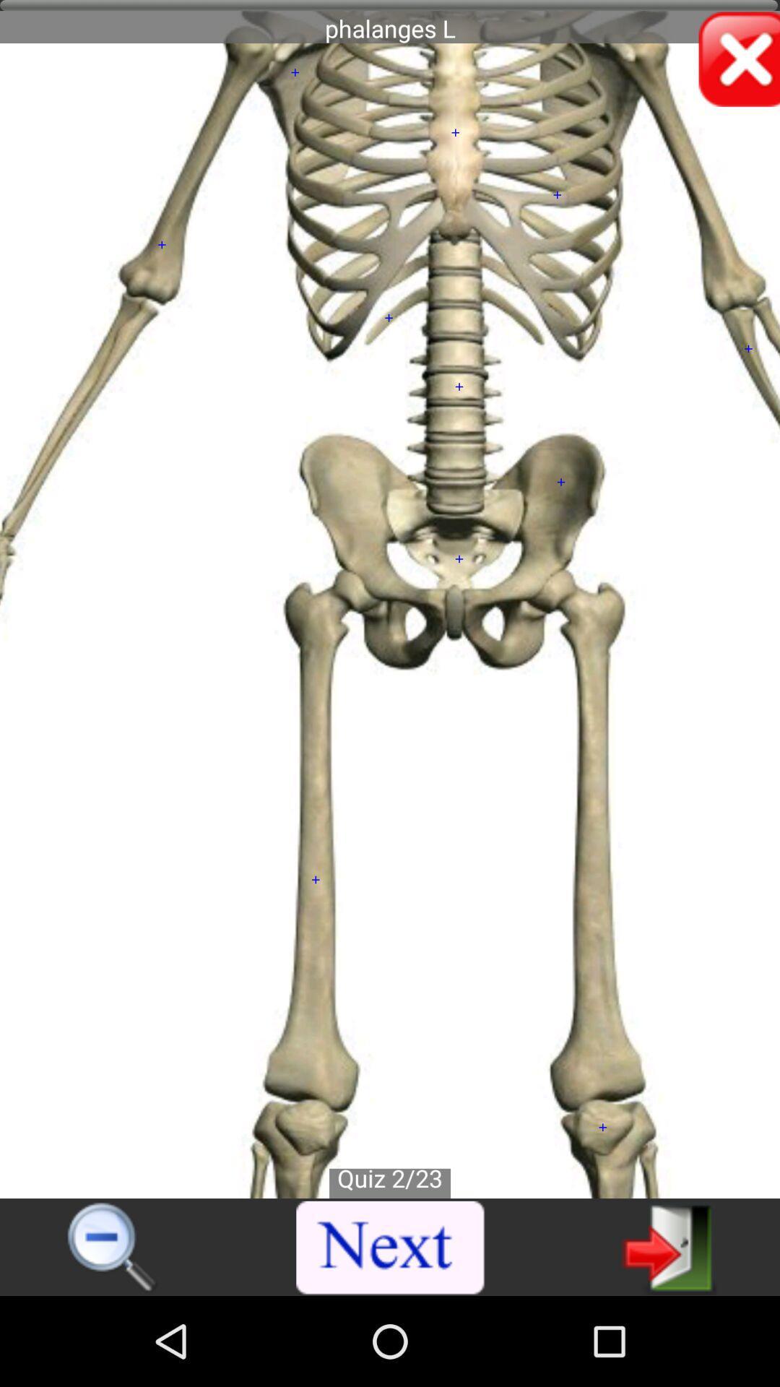  What do you see at coordinates (391, 1248) in the screenshot?
I see `open next page` at bounding box center [391, 1248].